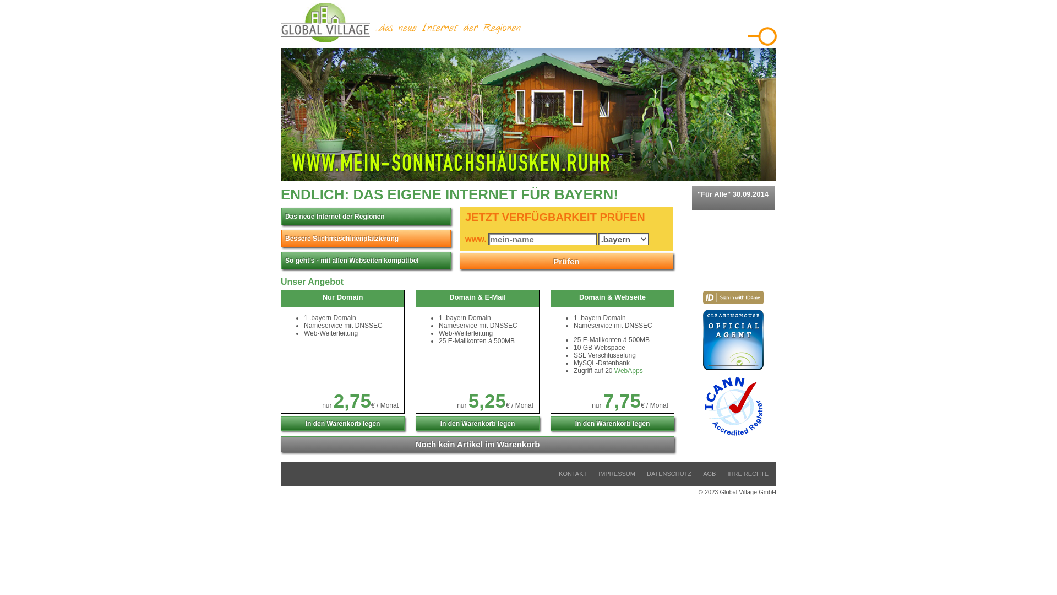 This screenshot has height=595, width=1057. I want to click on 'KONTAKT', so click(573, 473).